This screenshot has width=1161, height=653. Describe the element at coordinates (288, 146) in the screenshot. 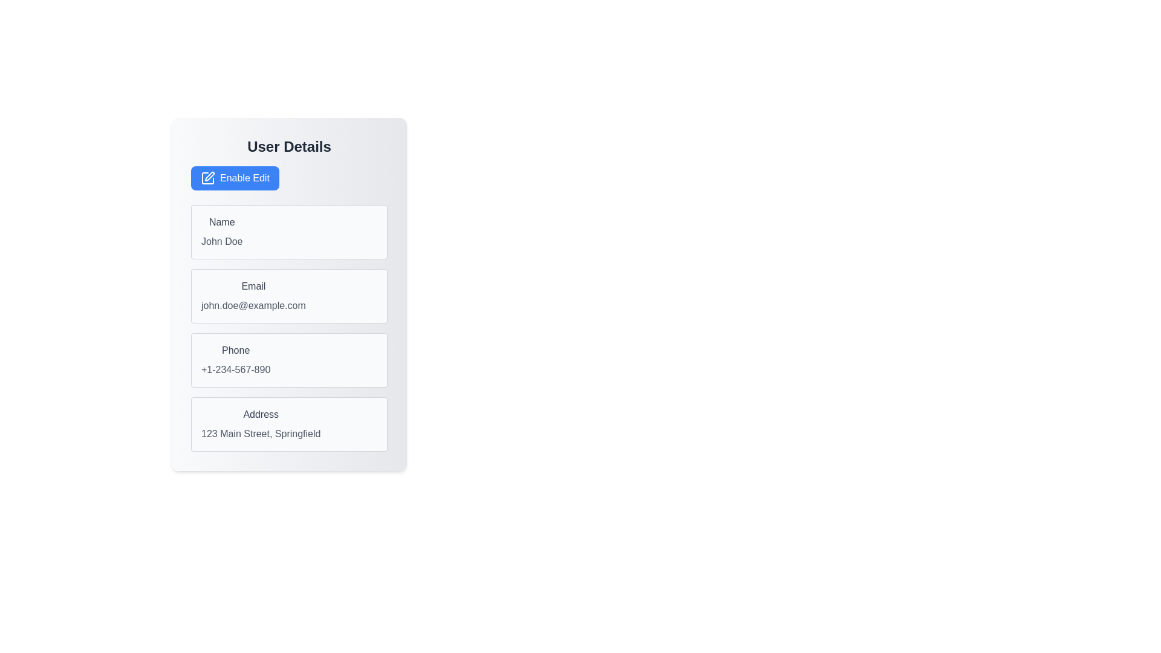

I see `the 'User Details' text header, which is prominently displayed in a bold, large font at the top of the user information panel` at that location.